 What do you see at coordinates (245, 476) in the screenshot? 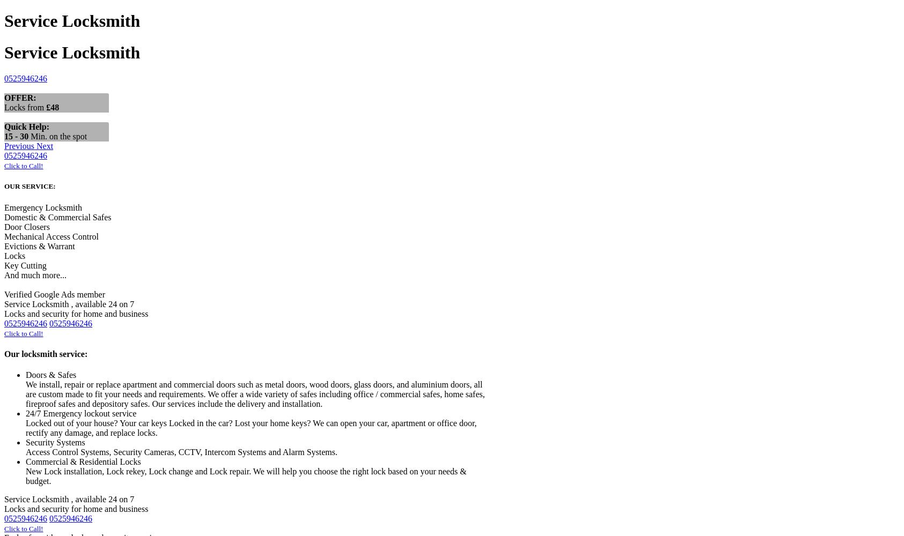
I see `'New Lock installation, Lock rekey, Lock change and Lock repair. We will help you choose the right lock based on your needs & budget.'` at bounding box center [245, 476].